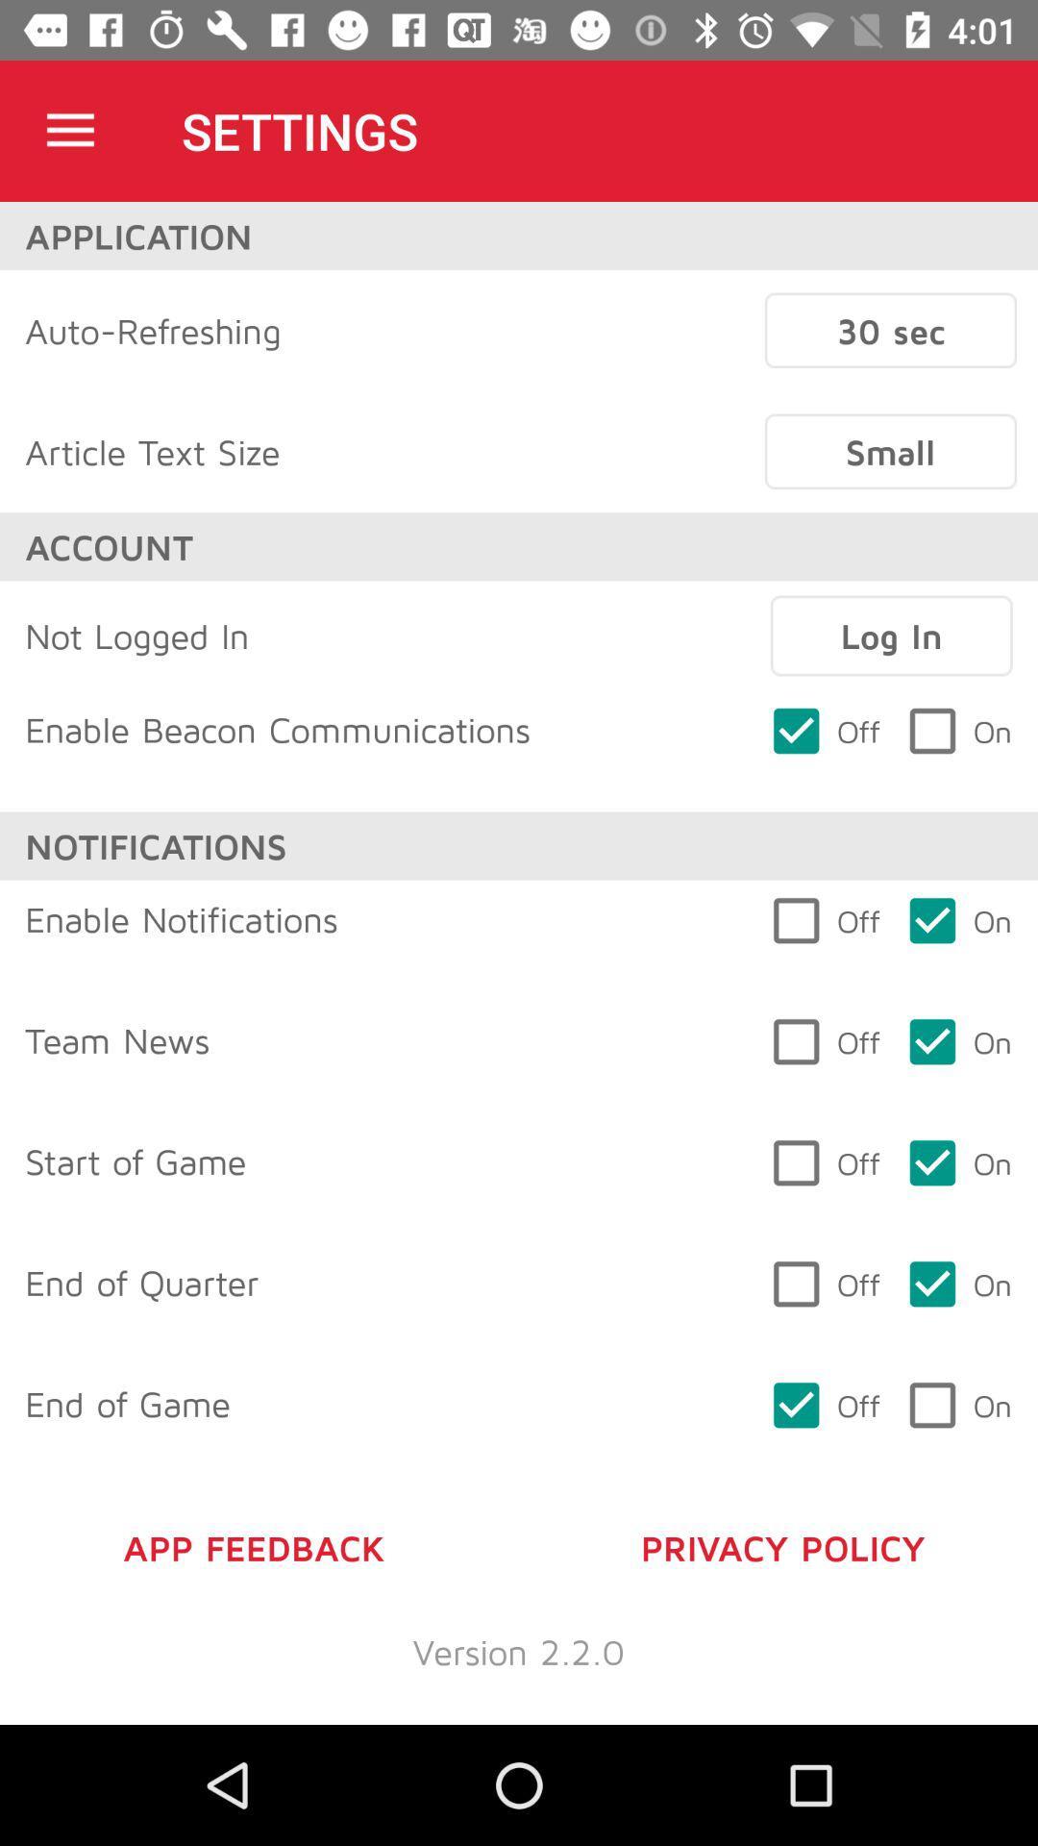  I want to click on version 2 2 icon, so click(519, 1650).